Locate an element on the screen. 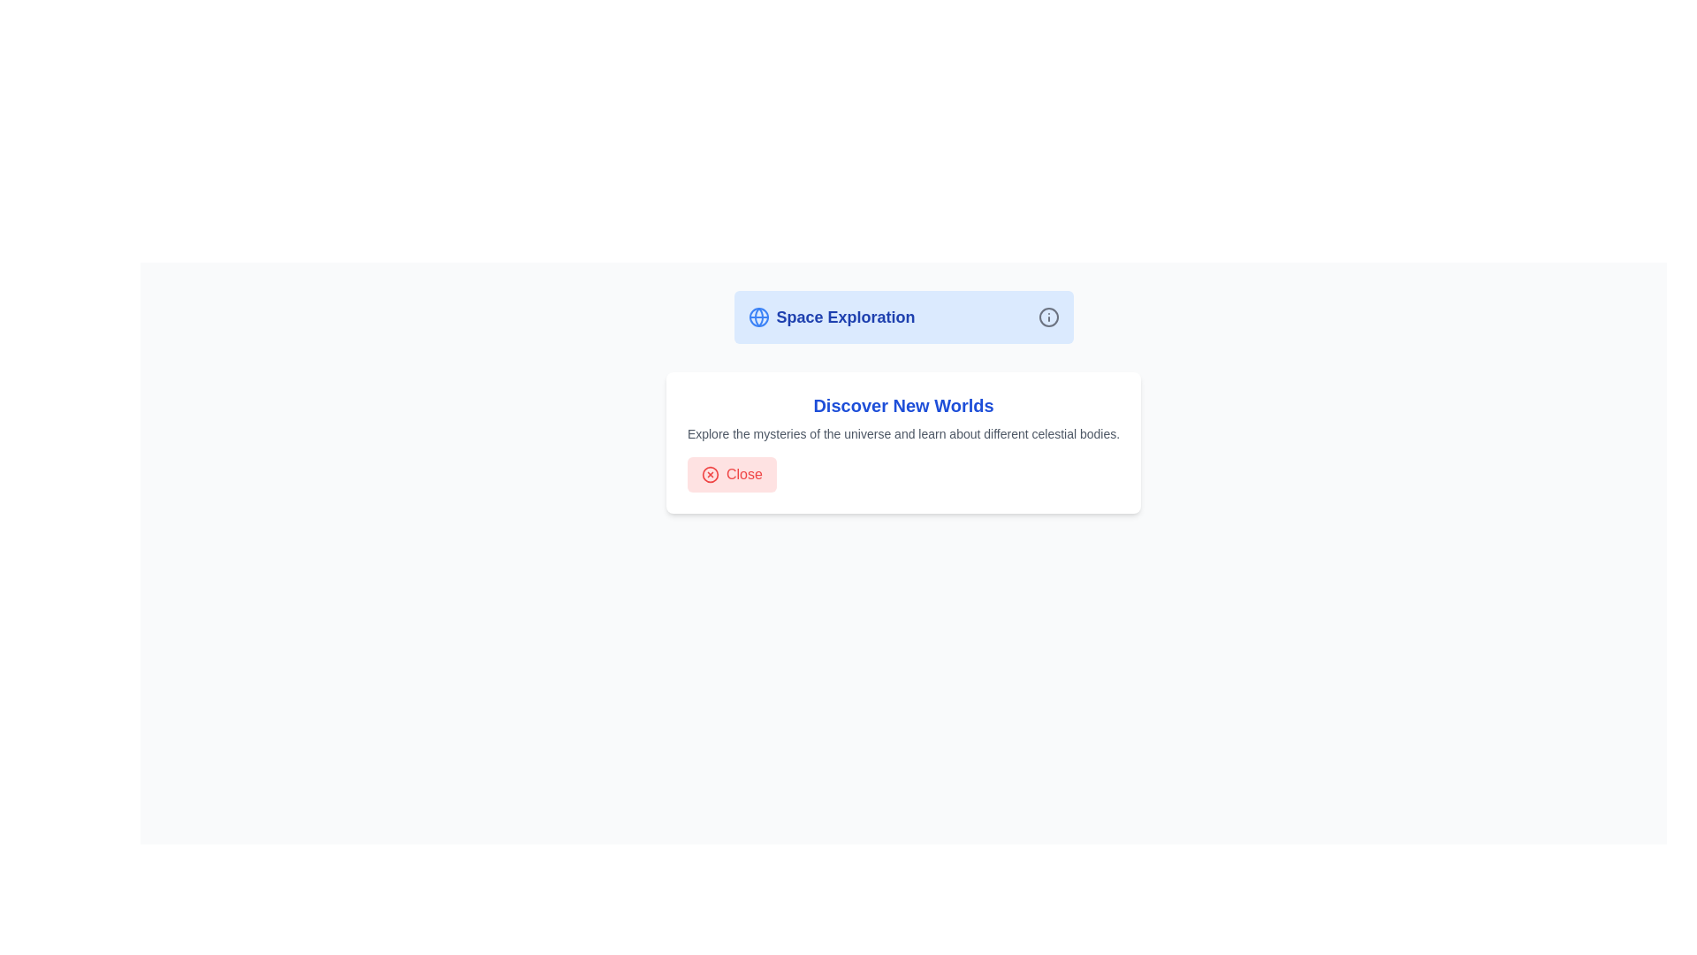 The height and width of the screenshot is (955, 1697). text from the header or title element that provides the topic 'Space Exploration', located at the top-center of the layout above the 'Discover New Worlds' card is located at coordinates (903, 316).